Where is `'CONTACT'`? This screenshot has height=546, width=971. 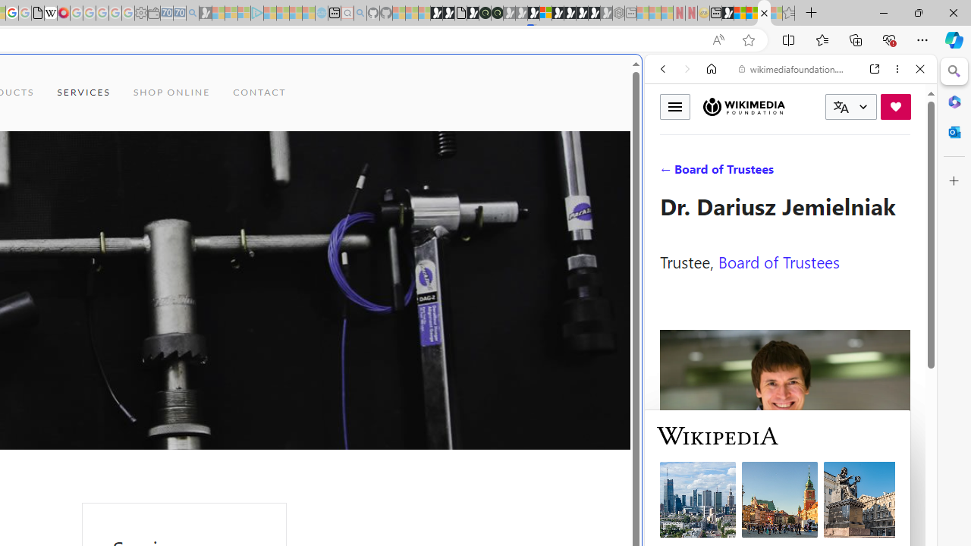
'CONTACT' is located at coordinates (259, 93).